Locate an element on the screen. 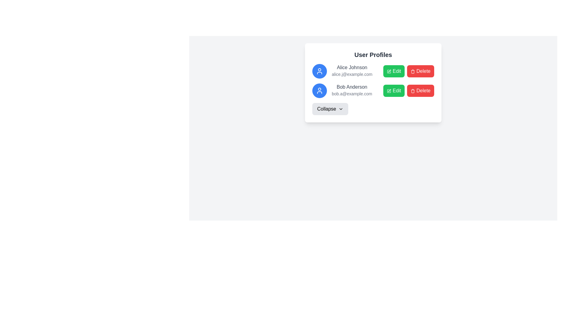 This screenshot has height=329, width=585. the edit button associated with user 'Bob Anderson', which is represented by a minimalistic square border as part of a pen or edit icon is located at coordinates (389, 91).